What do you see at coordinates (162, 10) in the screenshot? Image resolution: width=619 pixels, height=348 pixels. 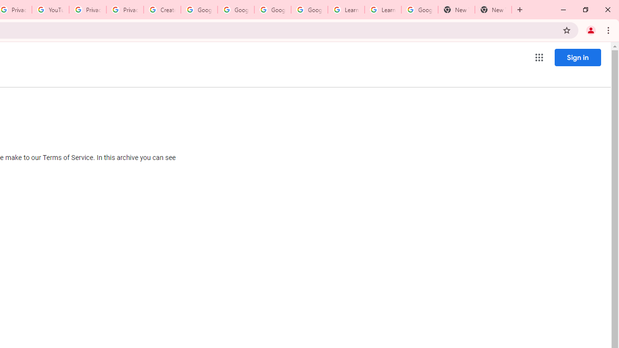 I see `'Create your Google Account'` at bounding box center [162, 10].